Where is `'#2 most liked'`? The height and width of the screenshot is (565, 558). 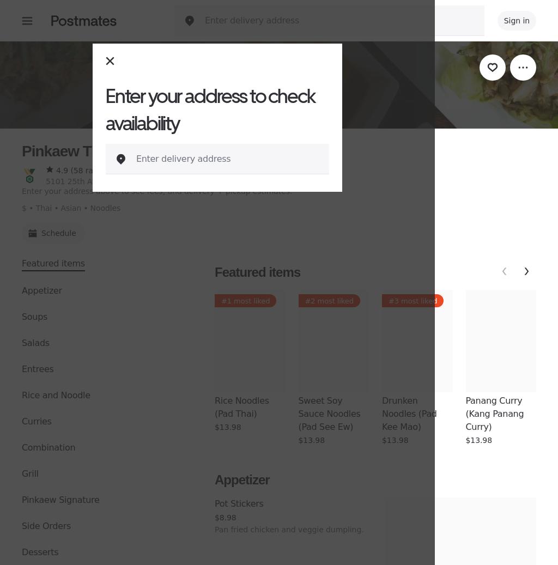
'#2 most liked' is located at coordinates (329, 301).